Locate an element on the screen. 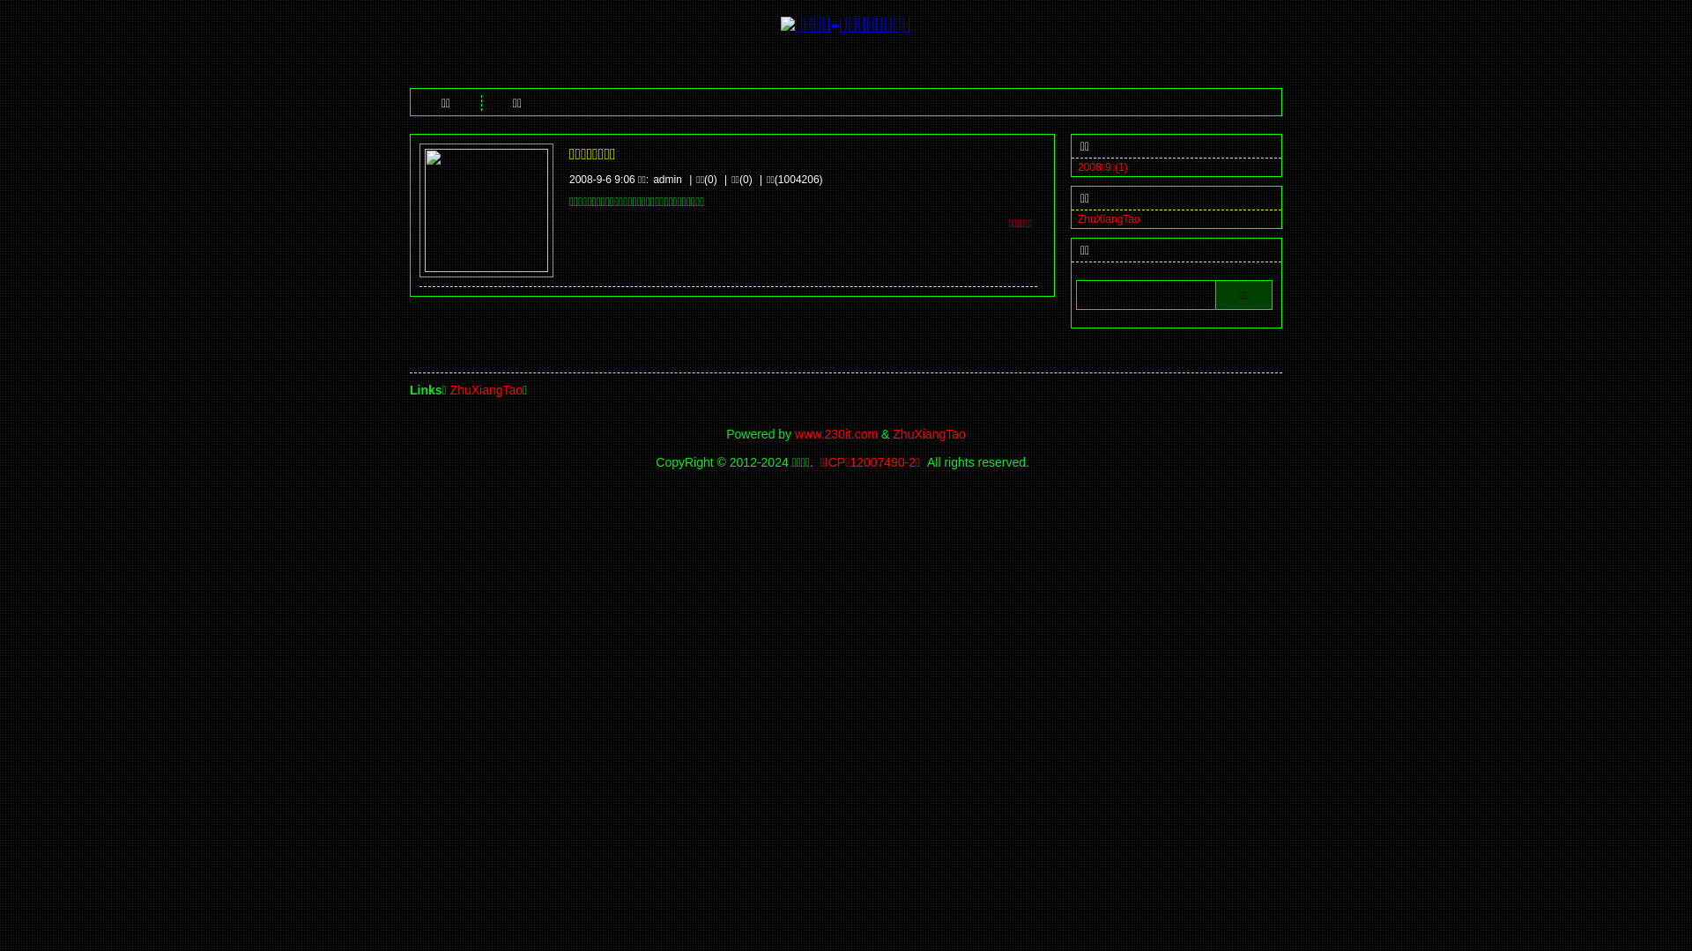 This screenshot has width=1692, height=951. 'www.230it.com' is located at coordinates (835, 434).